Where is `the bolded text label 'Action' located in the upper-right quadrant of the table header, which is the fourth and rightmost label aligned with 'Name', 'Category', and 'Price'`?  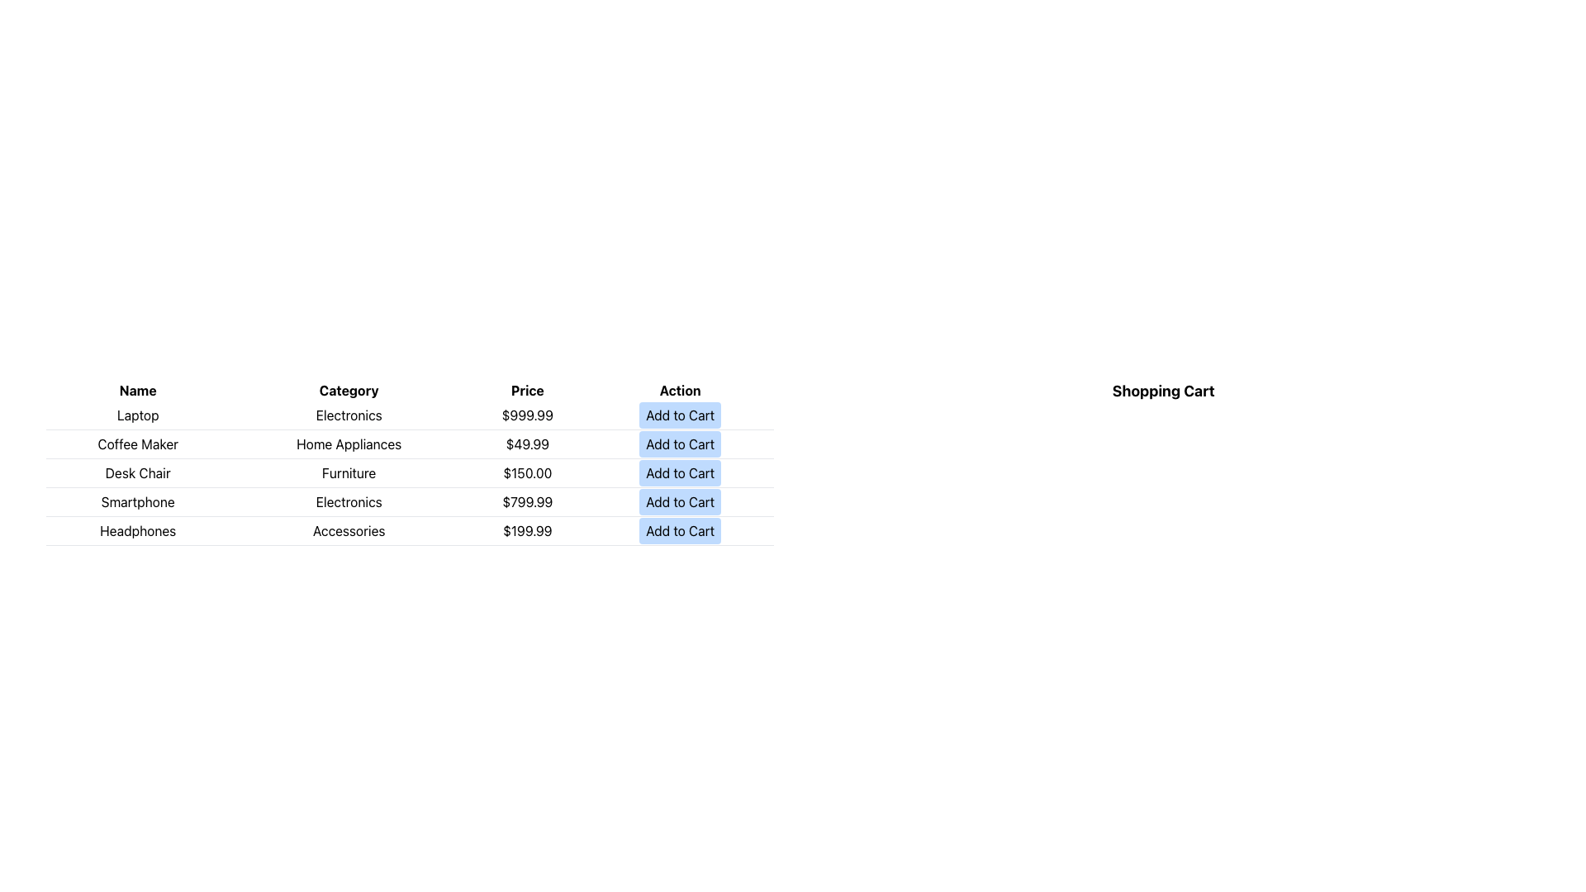 the bolded text label 'Action' located in the upper-right quadrant of the table header, which is the fourth and rightmost label aligned with 'Name', 'Category', and 'Price' is located at coordinates (680, 391).